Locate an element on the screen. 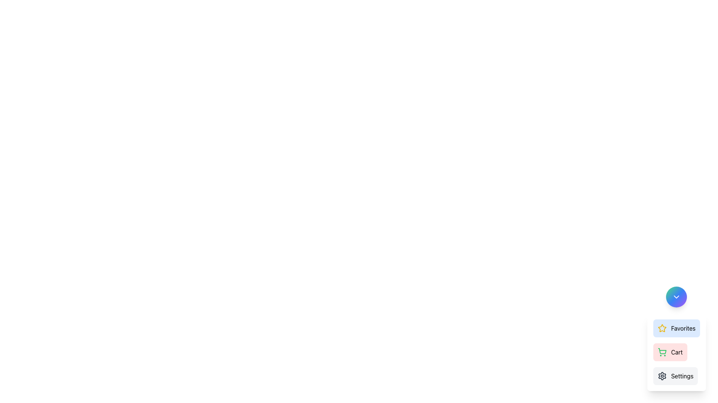  the cog icon located to the left of the 'Settings' label in the vertically-aligned menu is located at coordinates (662, 376).